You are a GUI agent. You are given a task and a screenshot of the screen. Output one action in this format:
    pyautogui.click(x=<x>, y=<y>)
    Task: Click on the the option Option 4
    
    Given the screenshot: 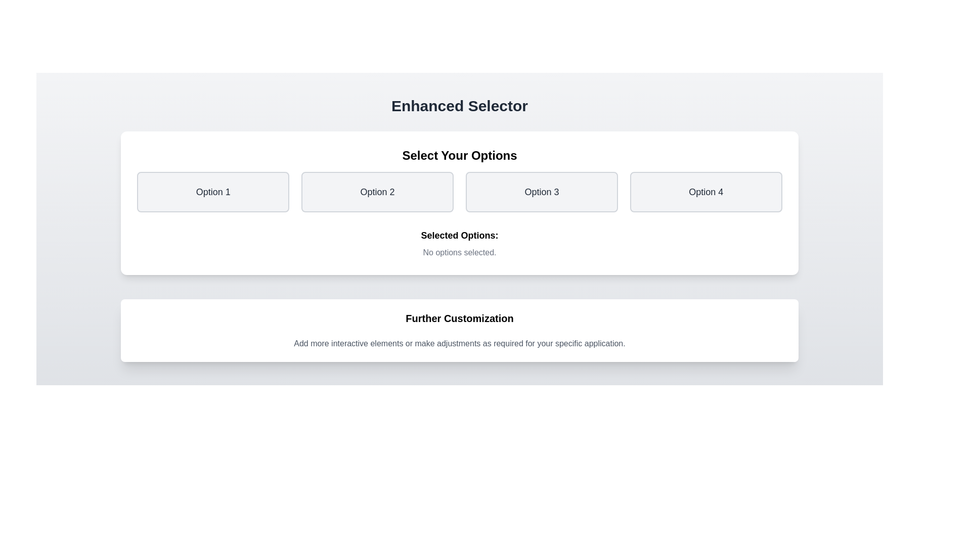 What is the action you would take?
    pyautogui.click(x=705, y=192)
    